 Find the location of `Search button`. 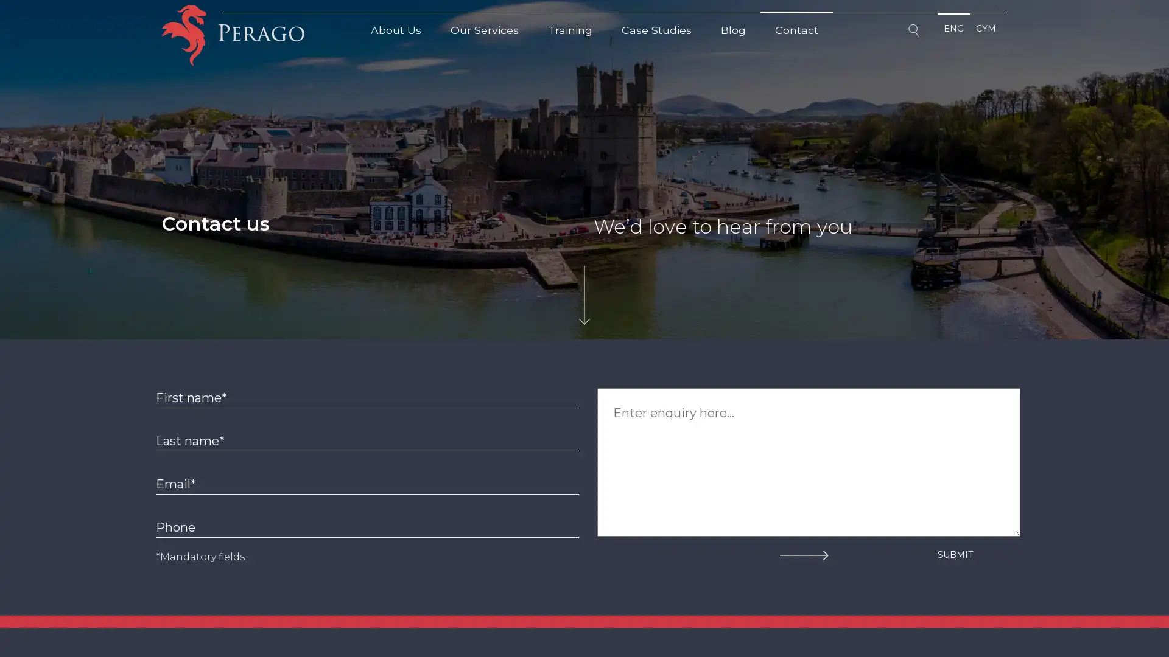

Search button is located at coordinates (915, 32).